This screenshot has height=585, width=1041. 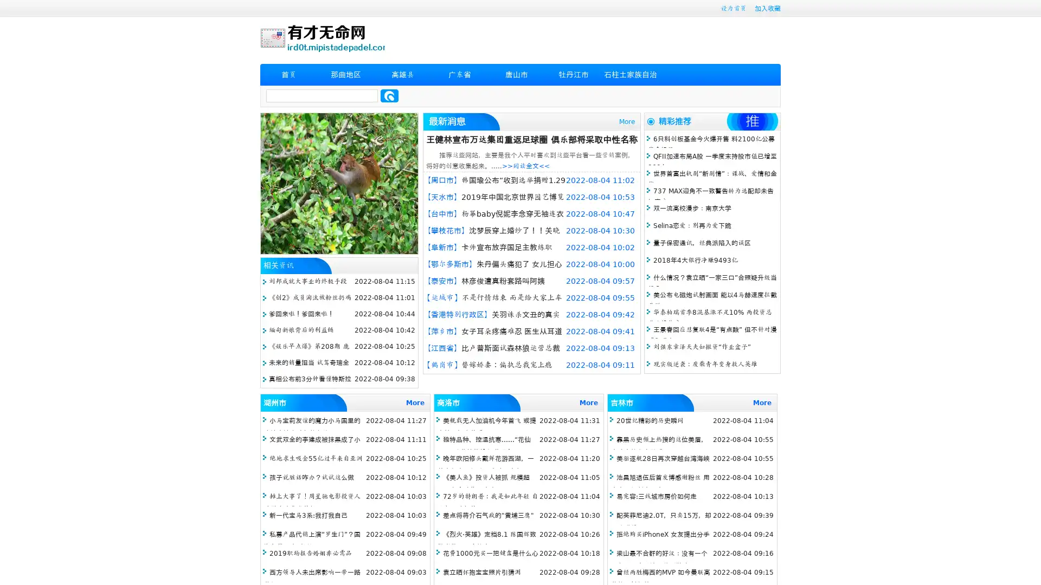 I want to click on Search, so click(x=389, y=95).